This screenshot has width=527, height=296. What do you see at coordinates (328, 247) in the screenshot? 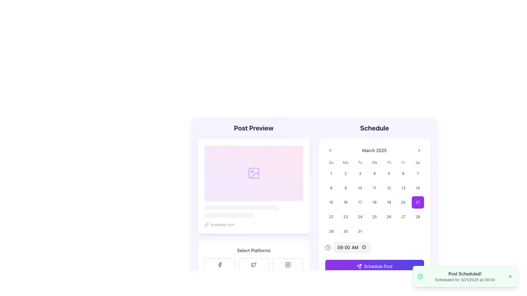
I see `the clock icon that indicates the time input field, which is located to the left of the time selection input box displaying '09:00 AM'` at bounding box center [328, 247].